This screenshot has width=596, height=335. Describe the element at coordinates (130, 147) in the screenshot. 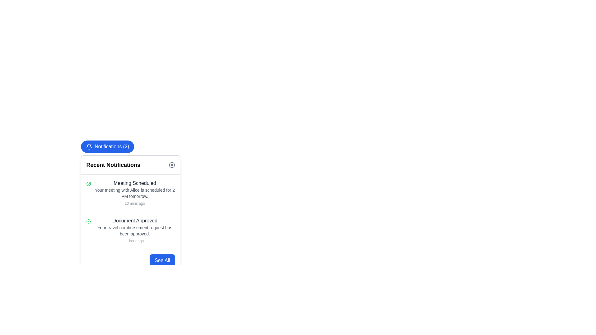

I see `the notifications button at the top-left corner of the notifications panel` at that location.